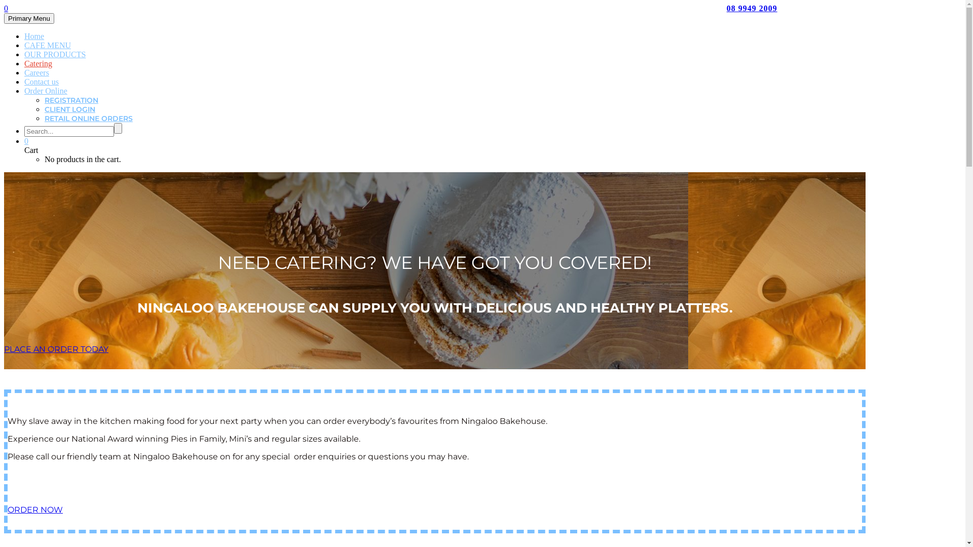  Describe the element at coordinates (34, 35) in the screenshot. I see `'Home'` at that location.